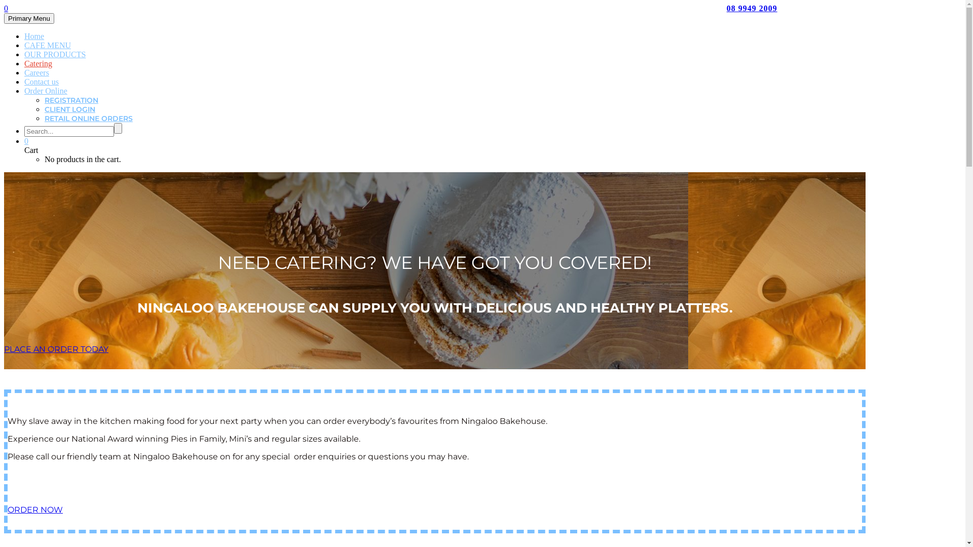  Describe the element at coordinates (34, 35) in the screenshot. I see `'Home'` at that location.